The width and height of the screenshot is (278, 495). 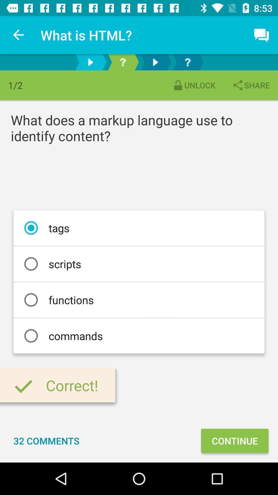 What do you see at coordinates (46, 440) in the screenshot?
I see `32 comments` at bounding box center [46, 440].